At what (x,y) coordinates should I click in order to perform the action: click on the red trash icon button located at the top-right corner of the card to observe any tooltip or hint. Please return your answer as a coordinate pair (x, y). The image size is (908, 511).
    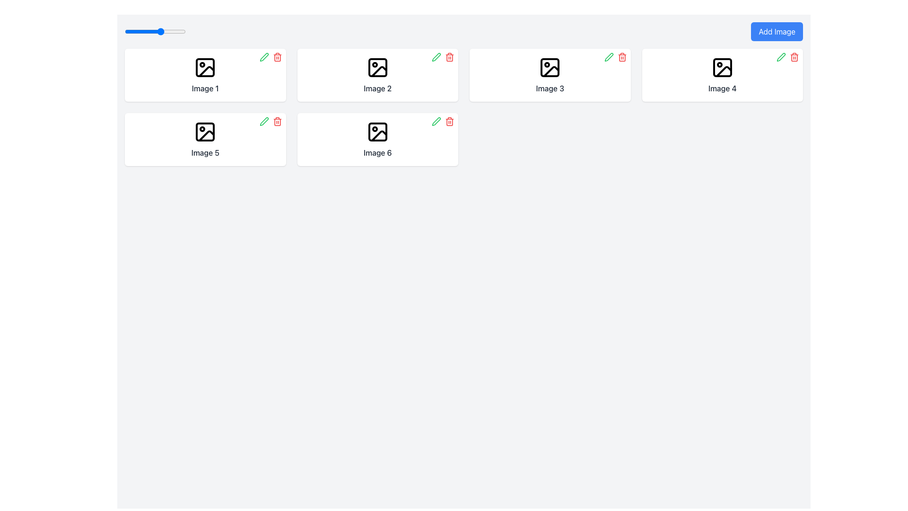
    Looking at the image, I should click on (449, 57).